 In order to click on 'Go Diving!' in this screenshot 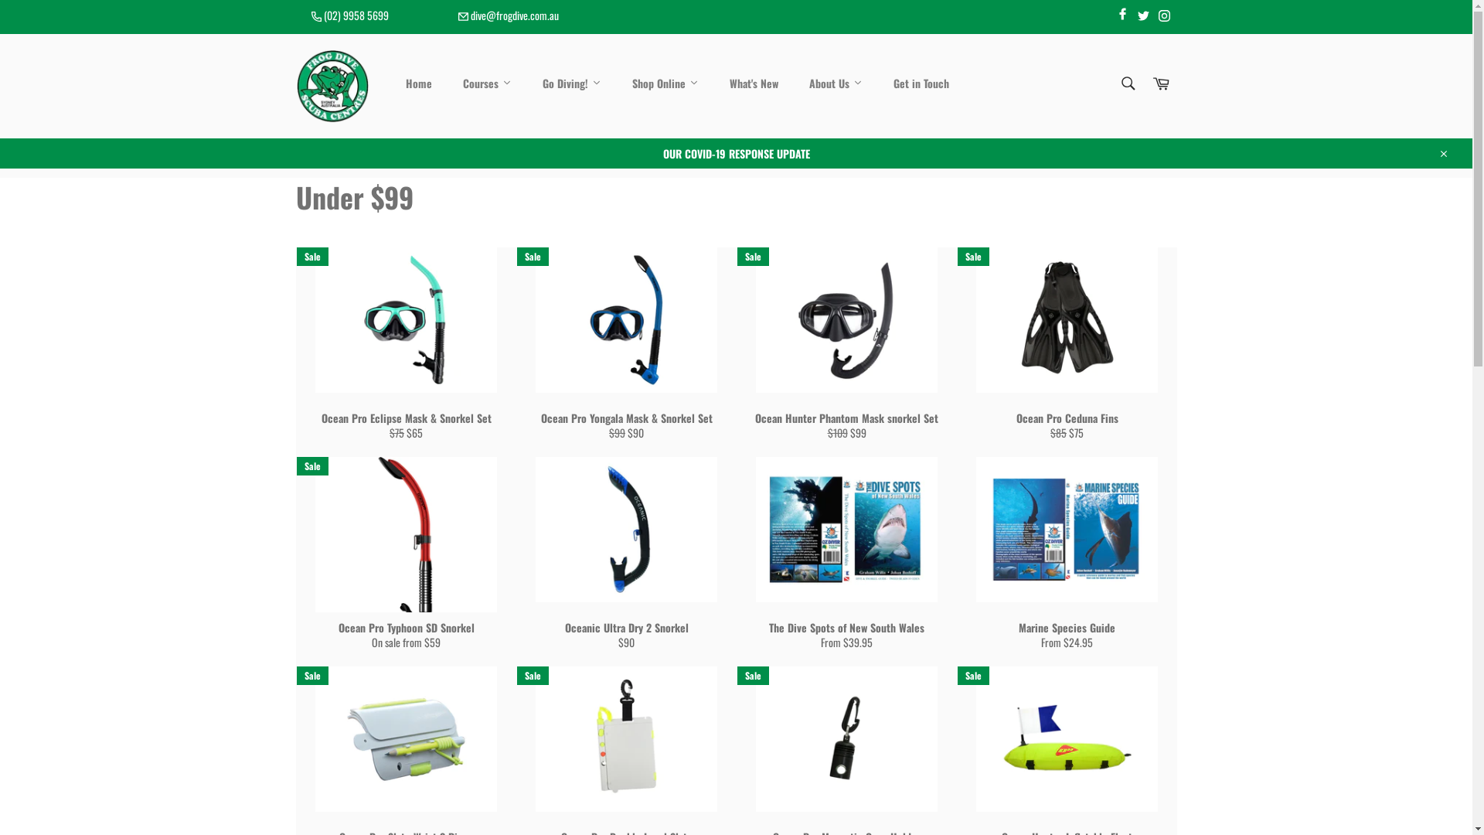, I will do `click(570, 83)`.